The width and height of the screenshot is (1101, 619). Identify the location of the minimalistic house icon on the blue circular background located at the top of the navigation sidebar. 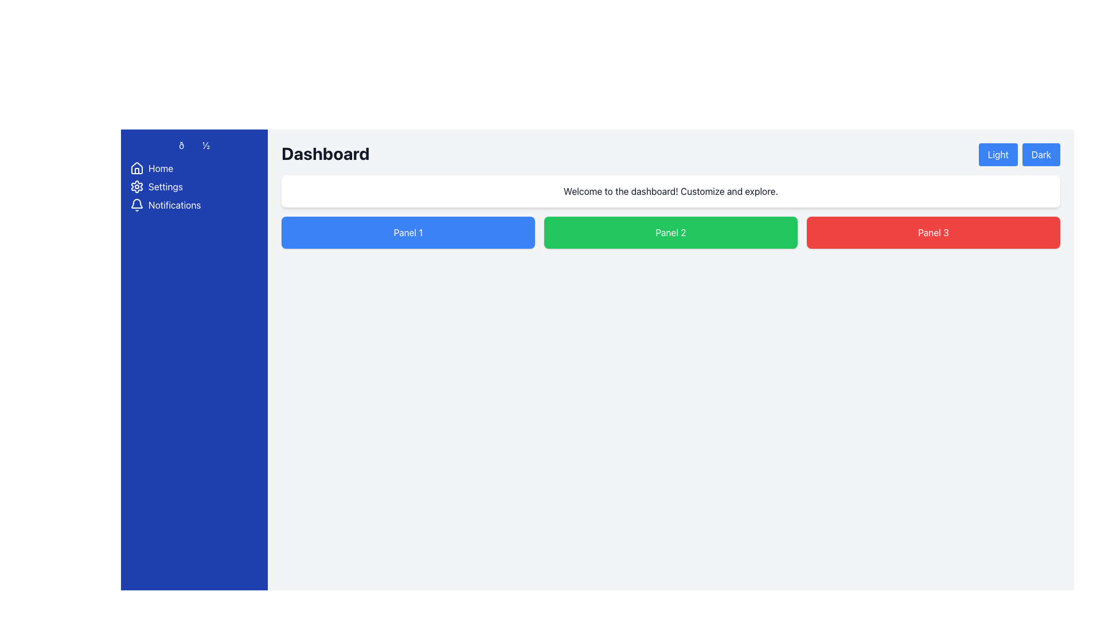
(137, 168).